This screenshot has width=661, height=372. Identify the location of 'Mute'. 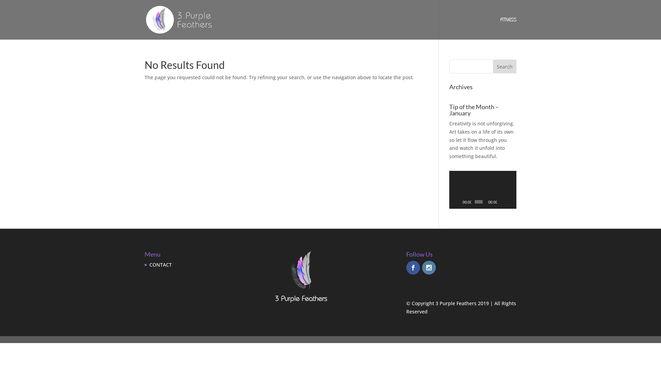
(502, 201).